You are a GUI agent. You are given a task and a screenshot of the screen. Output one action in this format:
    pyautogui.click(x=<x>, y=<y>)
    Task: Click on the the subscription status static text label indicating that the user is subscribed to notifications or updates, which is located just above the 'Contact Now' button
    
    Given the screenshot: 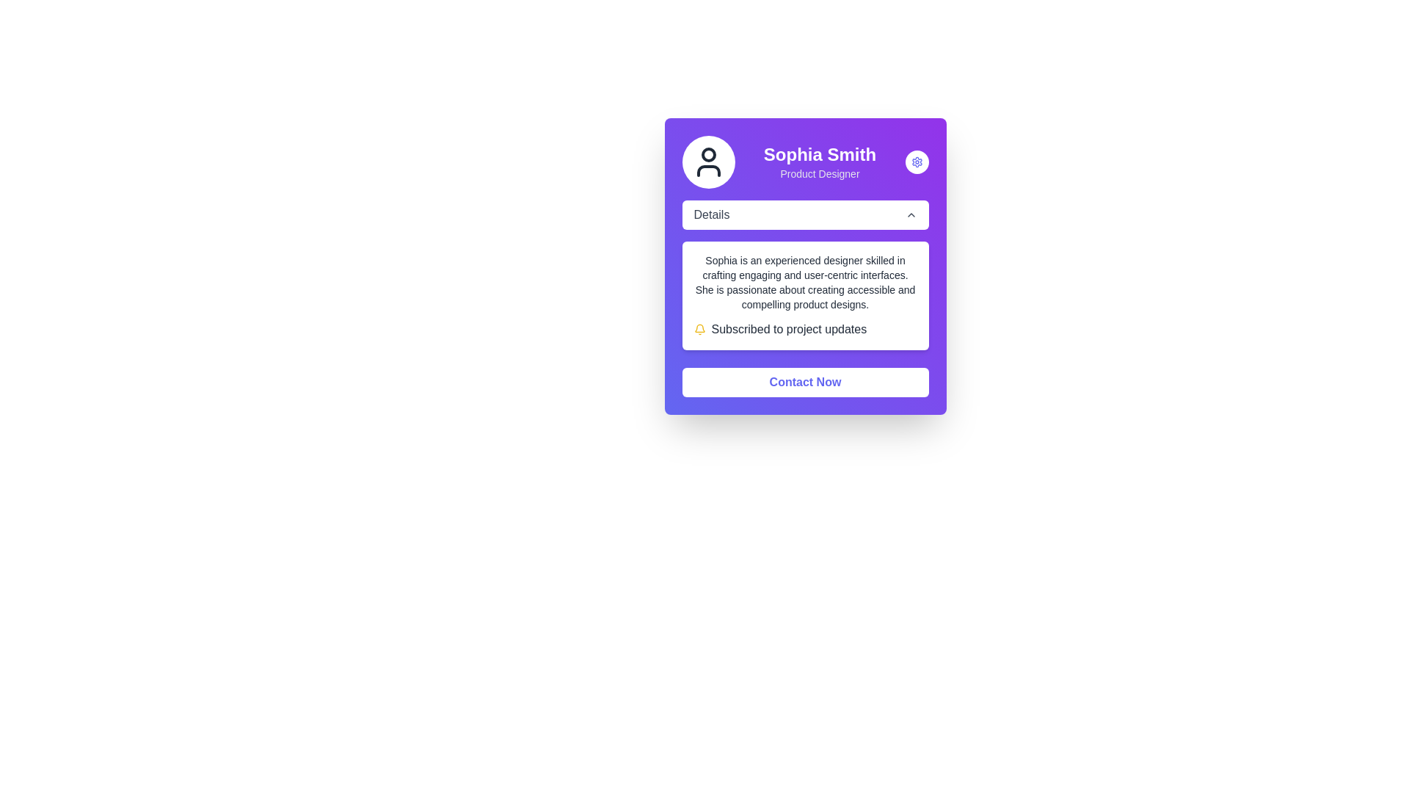 What is the action you would take?
    pyautogui.click(x=788, y=328)
    